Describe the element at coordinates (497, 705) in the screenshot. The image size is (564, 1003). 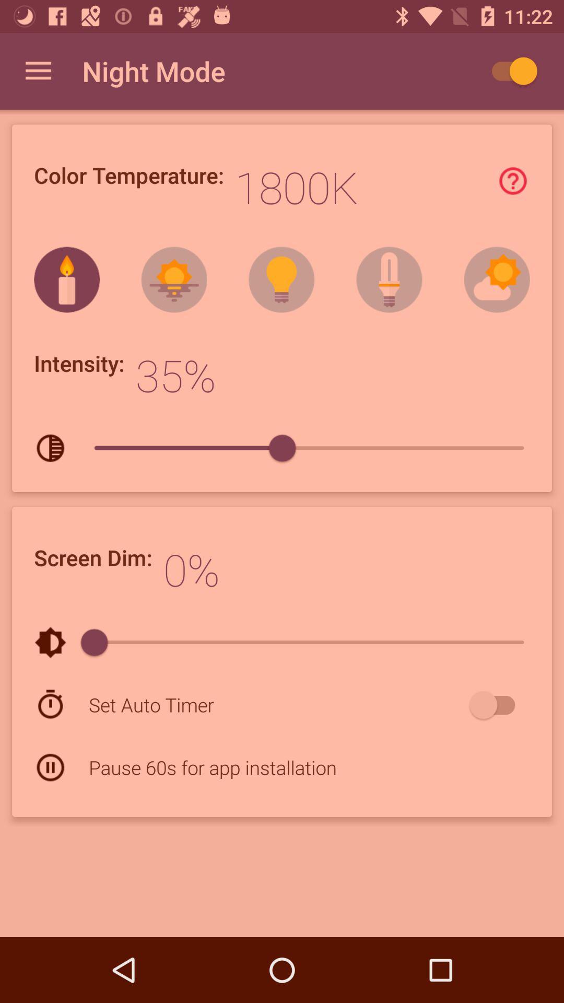
I see `the item to the right of set auto timer item` at that location.